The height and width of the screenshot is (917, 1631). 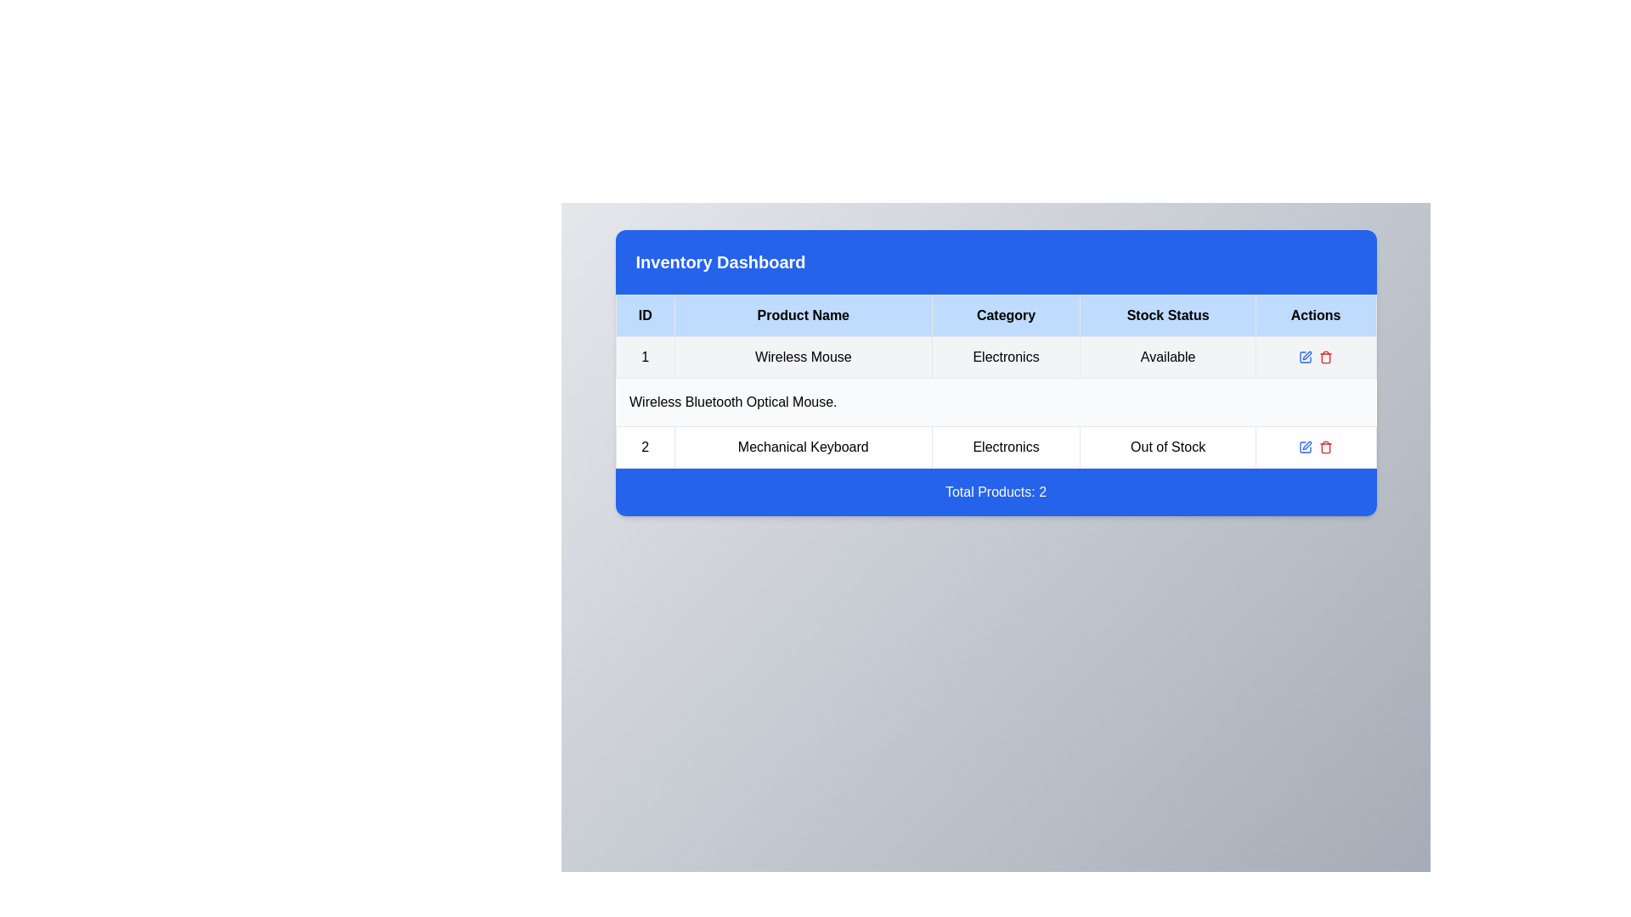 What do you see at coordinates (1167, 315) in the screenshot?
I see `the 'Stock Status' label, which is the fourth column header in the table header row of the 'Inventory Dashboard', aligned between 'Category' and 'Actions'` at bounding box center [1167, 315].